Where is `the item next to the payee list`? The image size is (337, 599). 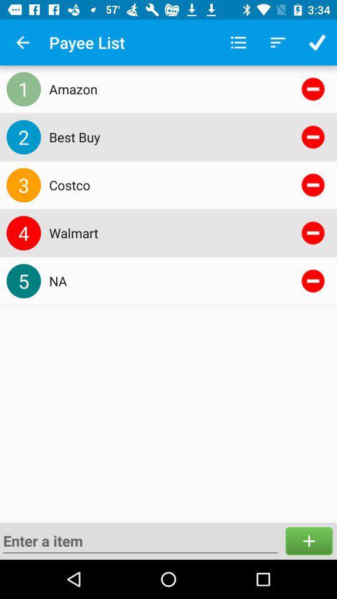 the item next to the payee list is located at coordinates (22, 42).